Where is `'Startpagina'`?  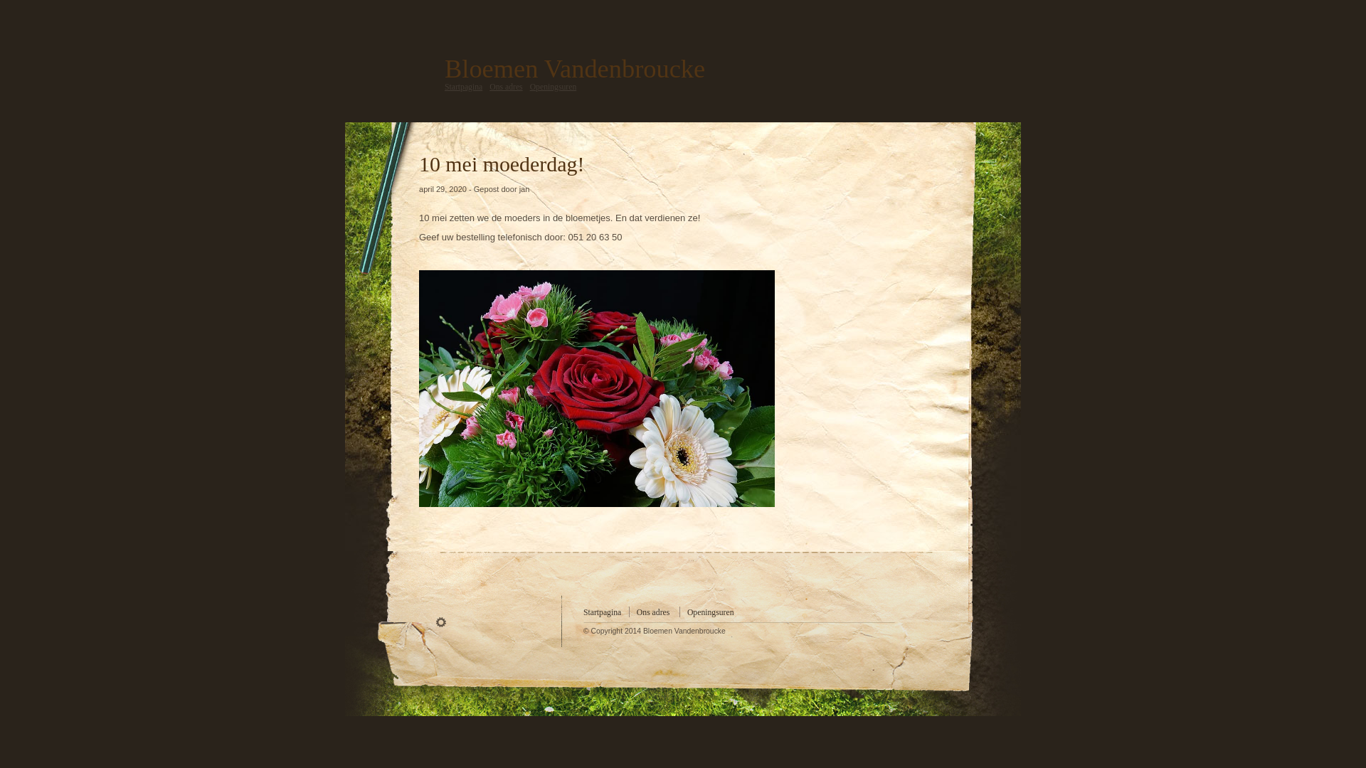
'Startpagina' is located at coordinates (602, 612).